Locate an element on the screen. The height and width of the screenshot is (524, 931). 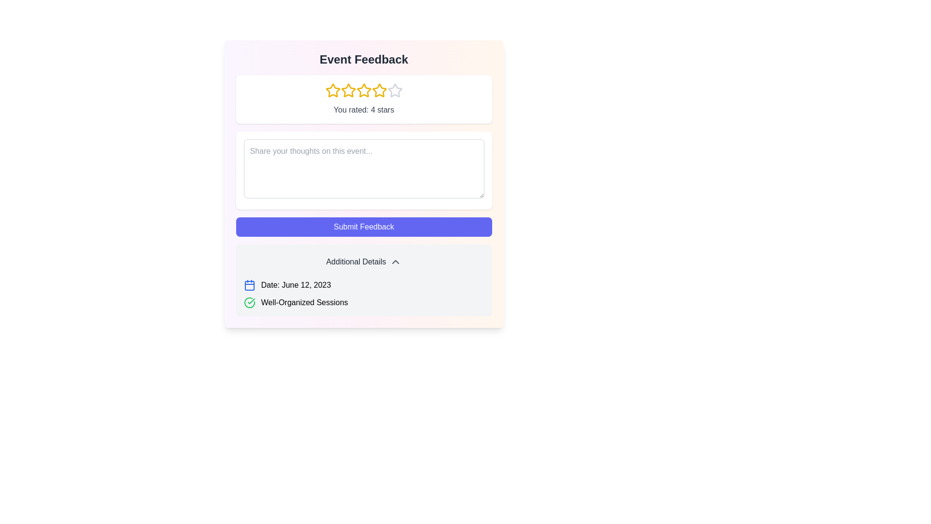
the informational text label located in the lower section of the interface, specifically in the 'Additional Details' section, to the right of a green checkmark icon and below a date label is located at coordinates (304, 302).